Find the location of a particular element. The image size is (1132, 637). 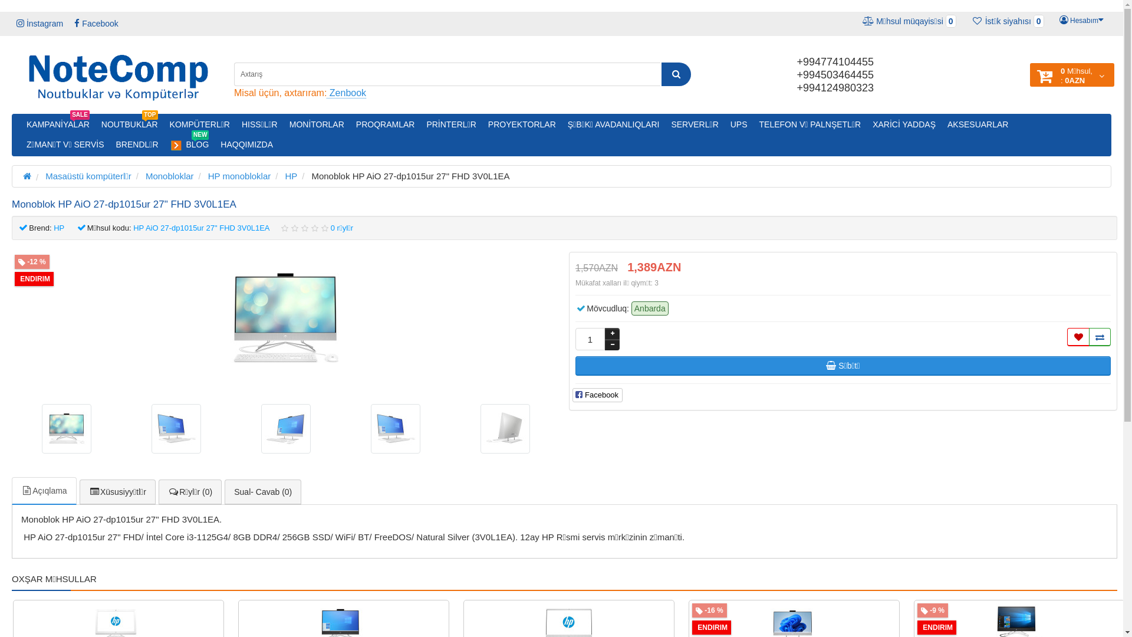

'PROQRAMLAR' is located at coordinates (385, 124).